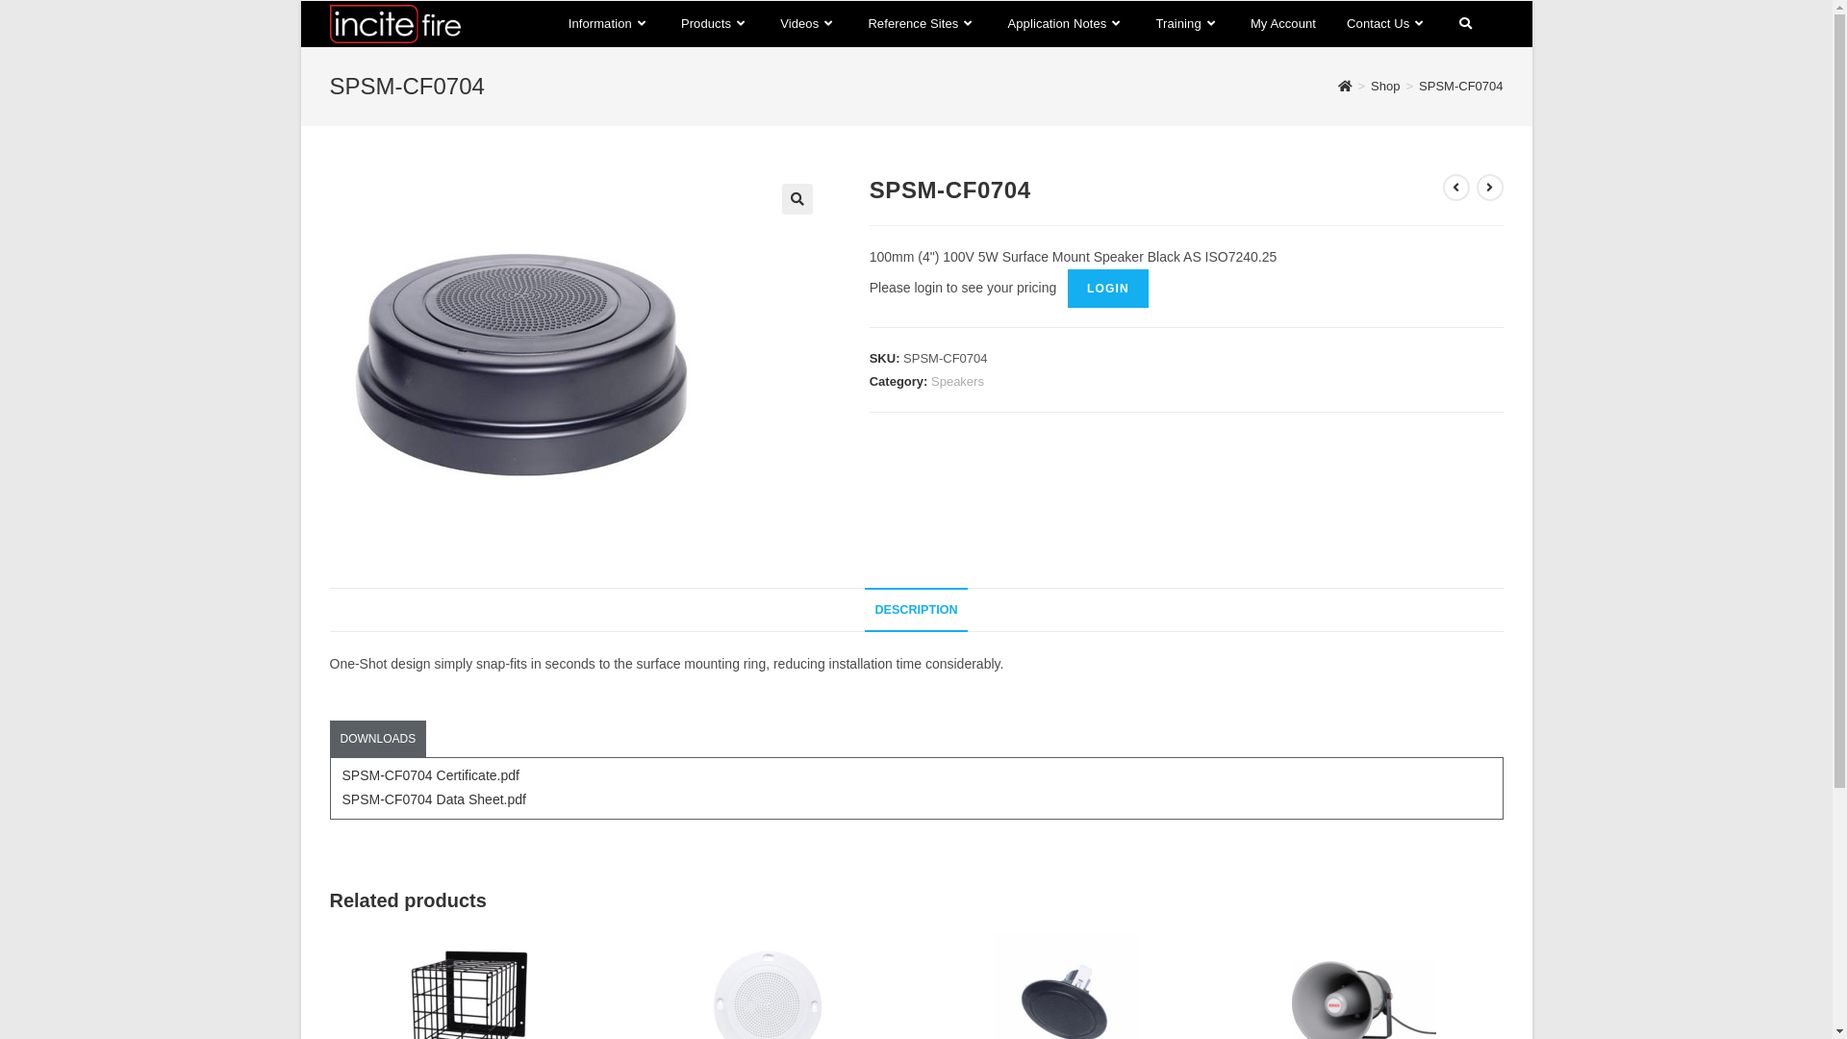 The height and width of the screenshot is (1039, 1847). Describe the element at coordinates (808, 23) in the screenshot. I see `'Videos'` at that location.